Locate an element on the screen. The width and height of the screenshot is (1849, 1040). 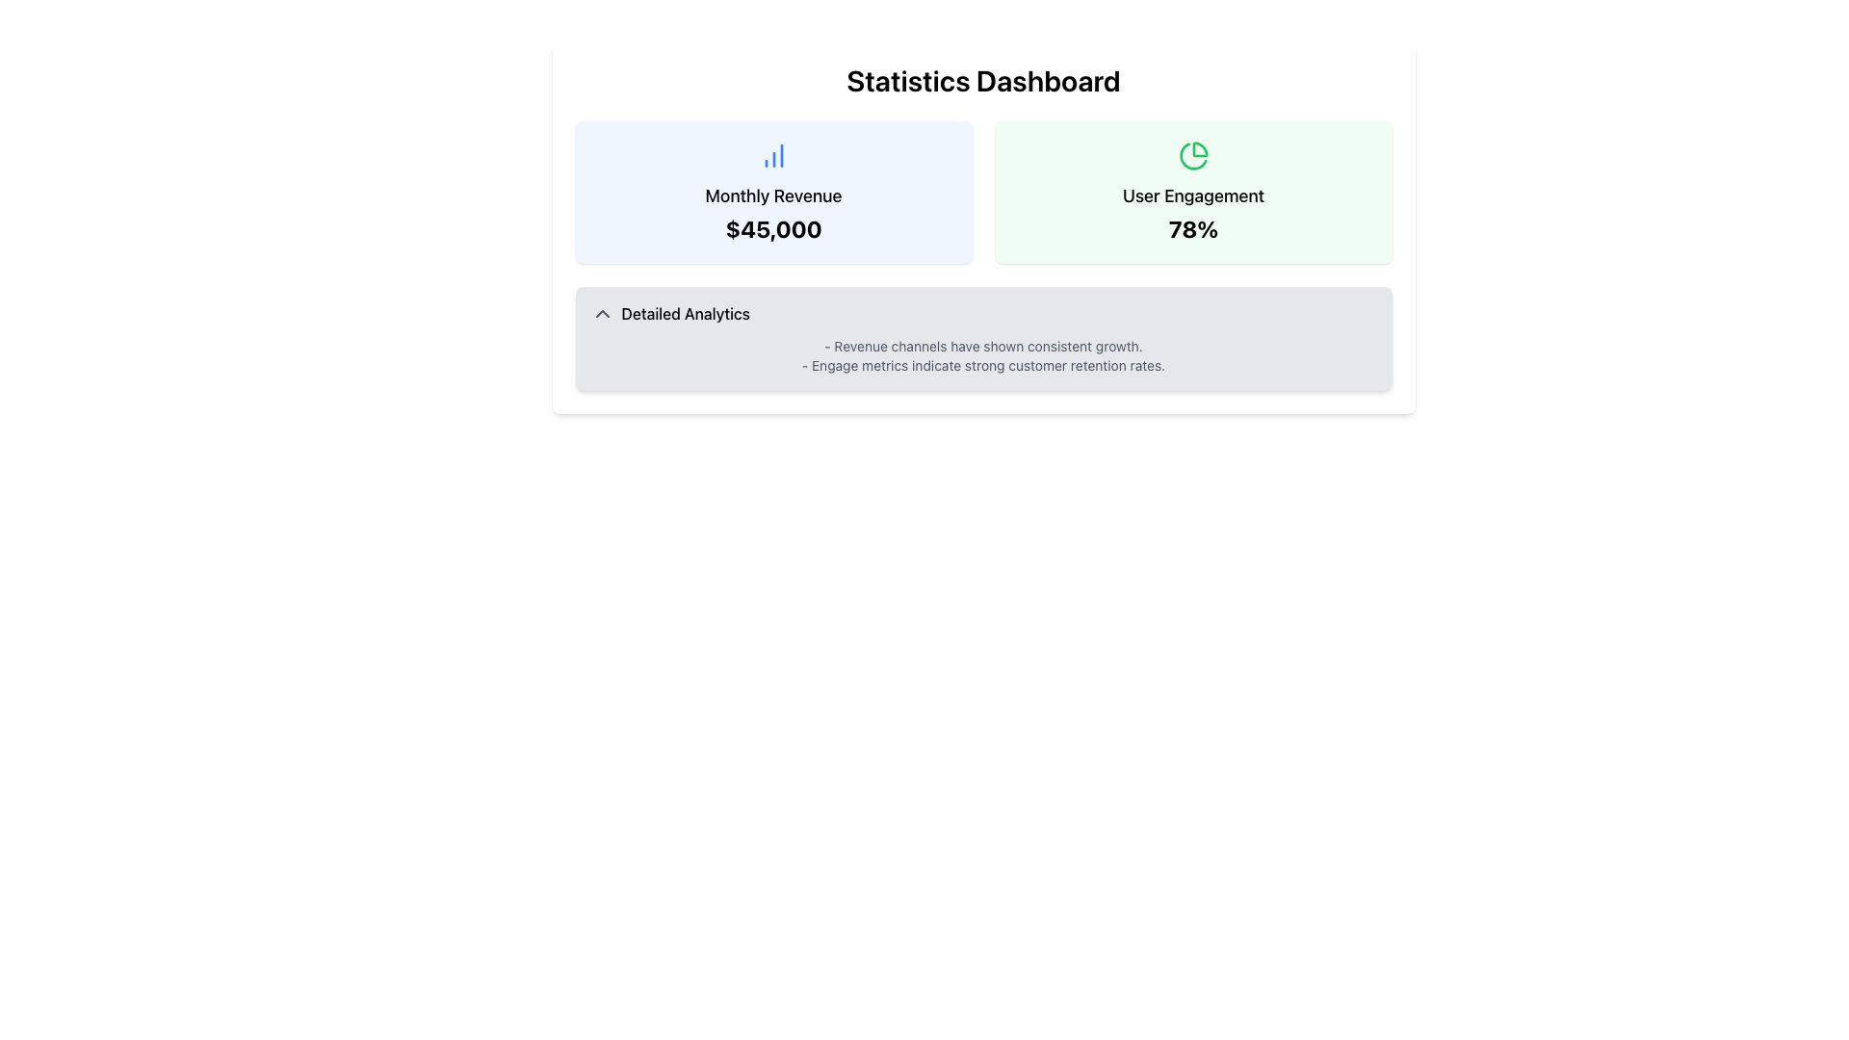
the icon that expands or collapses the 'Detailed Analytics' section is located at coordinates (601, 313).